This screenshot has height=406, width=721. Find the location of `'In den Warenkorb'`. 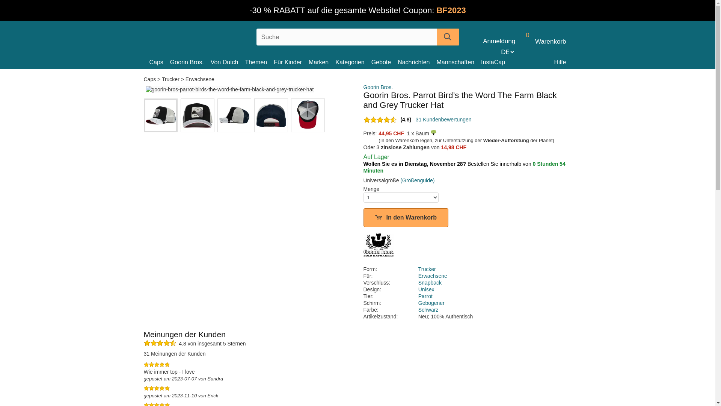

'In den Warenkorb' is located at coordinates (406, 217).